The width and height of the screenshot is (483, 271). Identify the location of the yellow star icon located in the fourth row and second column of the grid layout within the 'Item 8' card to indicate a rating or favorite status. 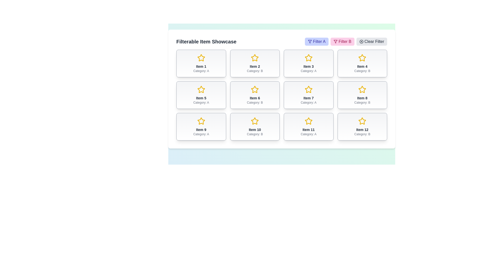
(362, 89).